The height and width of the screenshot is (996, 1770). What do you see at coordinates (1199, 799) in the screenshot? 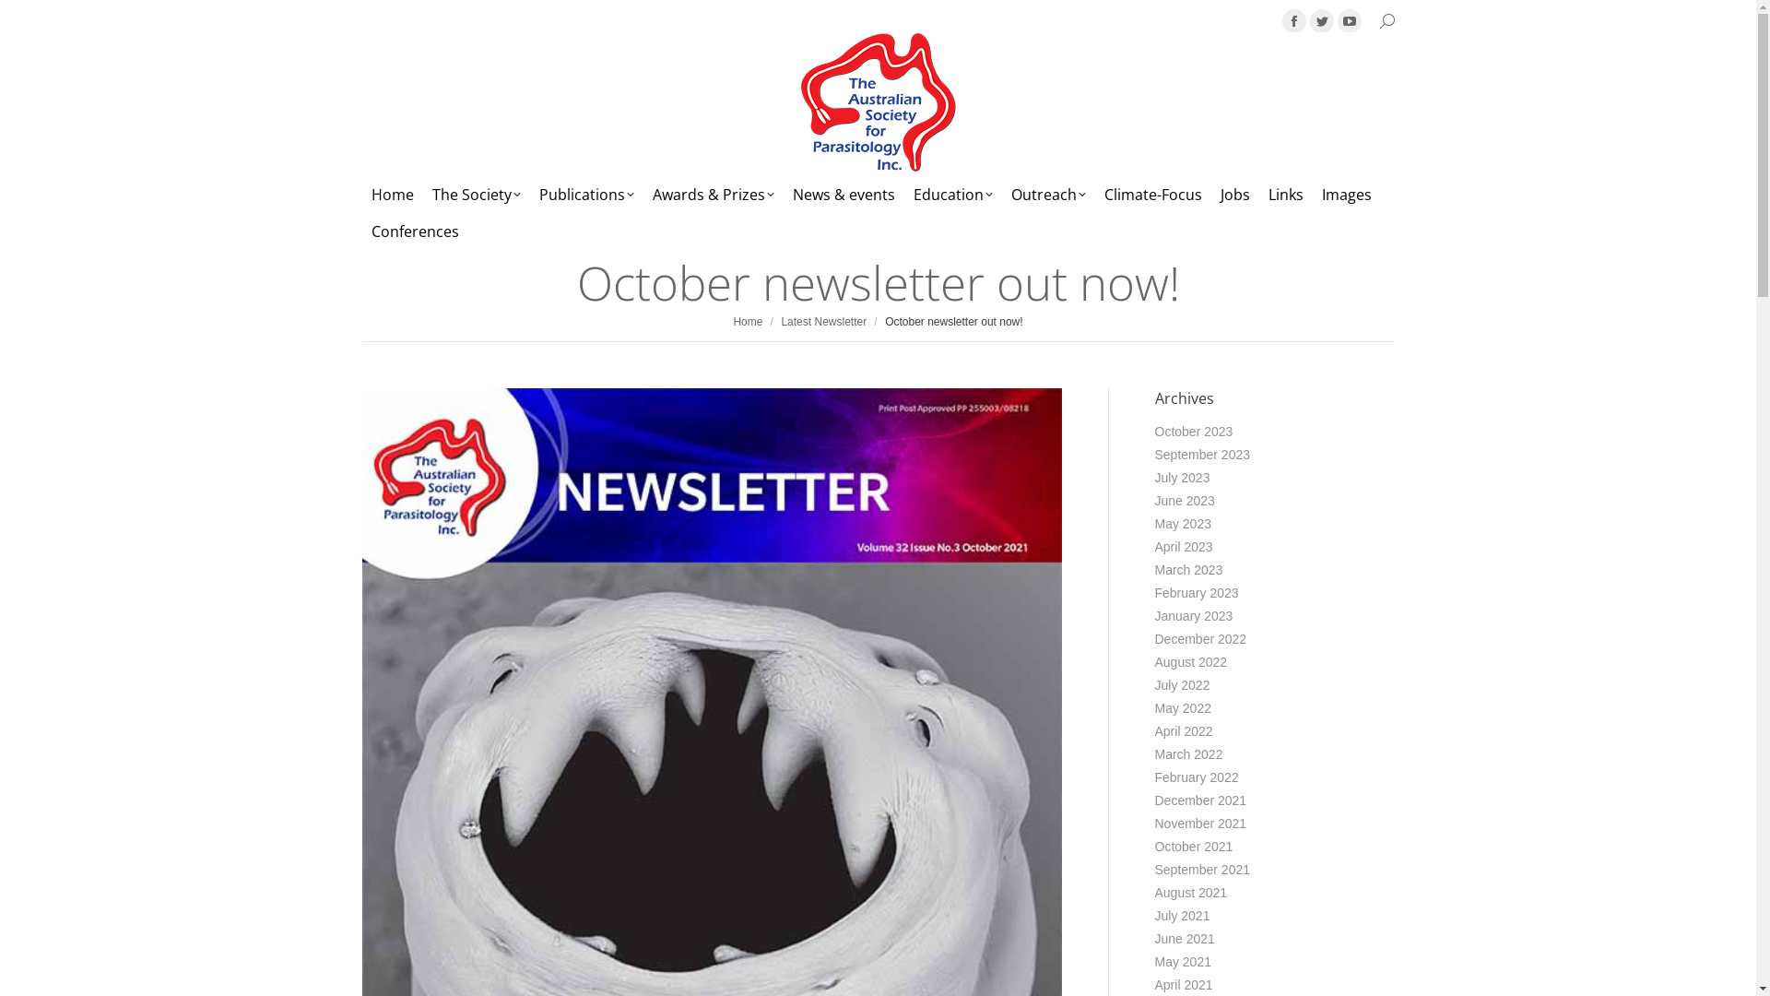
I see `'December 2021'` at bounding box center [1199, 799].